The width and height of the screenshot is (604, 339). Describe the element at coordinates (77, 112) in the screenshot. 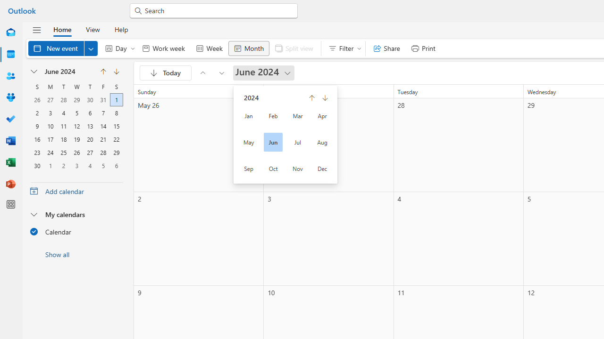

I see `'5, June, 2024'` at that location.